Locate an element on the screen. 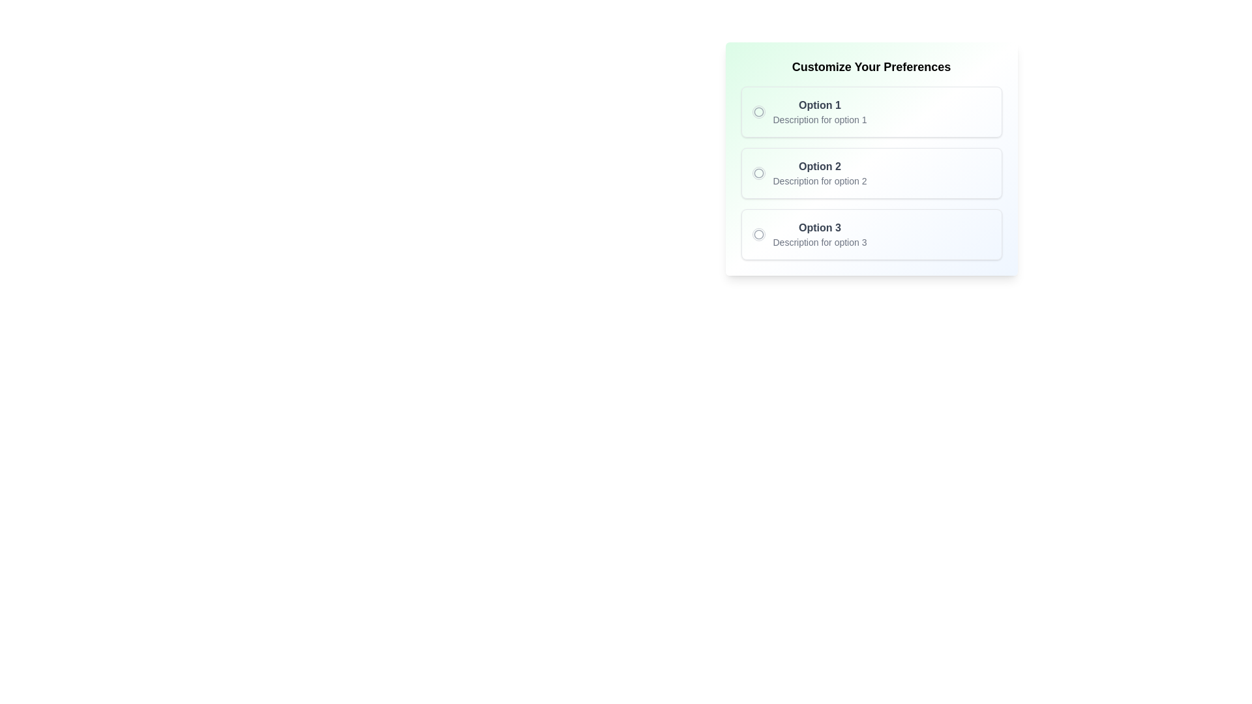 The width and height of the screenshot is (1252, 704). the 'Option 1' radio button is located at coordinates (758, 111).